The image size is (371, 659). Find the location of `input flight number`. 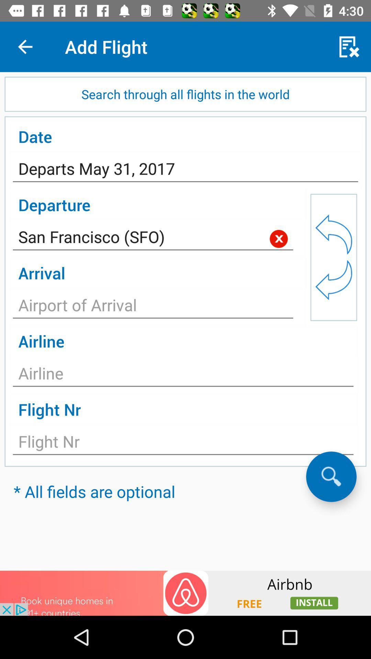

input flight number is located at coordinates (183, 443).